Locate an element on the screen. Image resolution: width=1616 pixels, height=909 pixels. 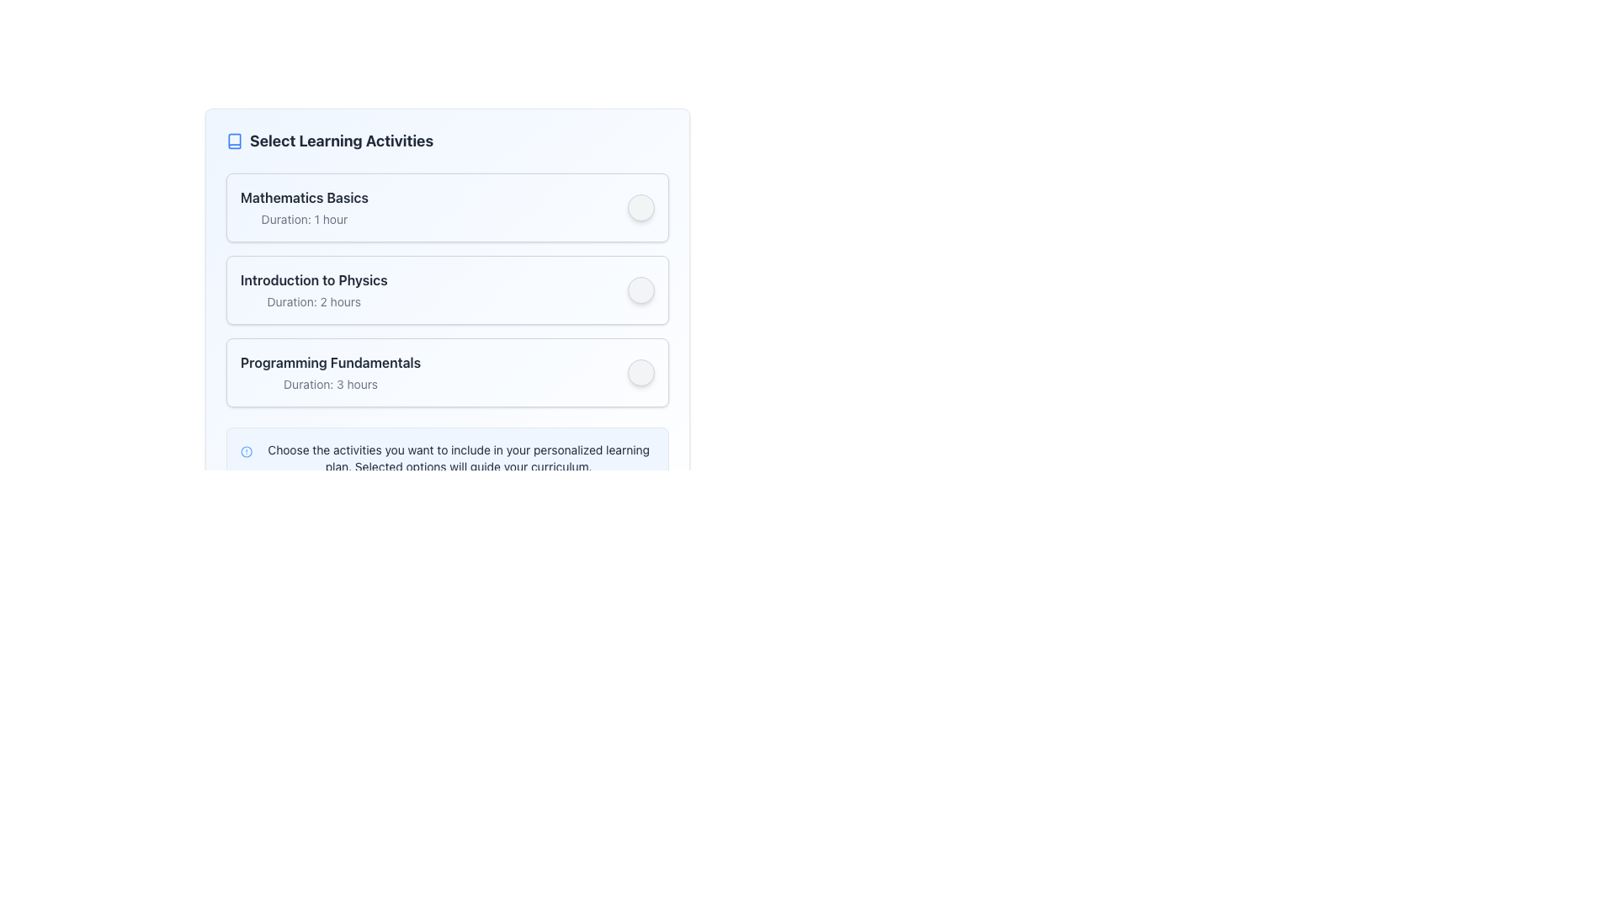
the third selectable learning activity option in the list, which allows the user to include 'Programming Fundamentals' in their learning plan is located at coordinates (448, 372).